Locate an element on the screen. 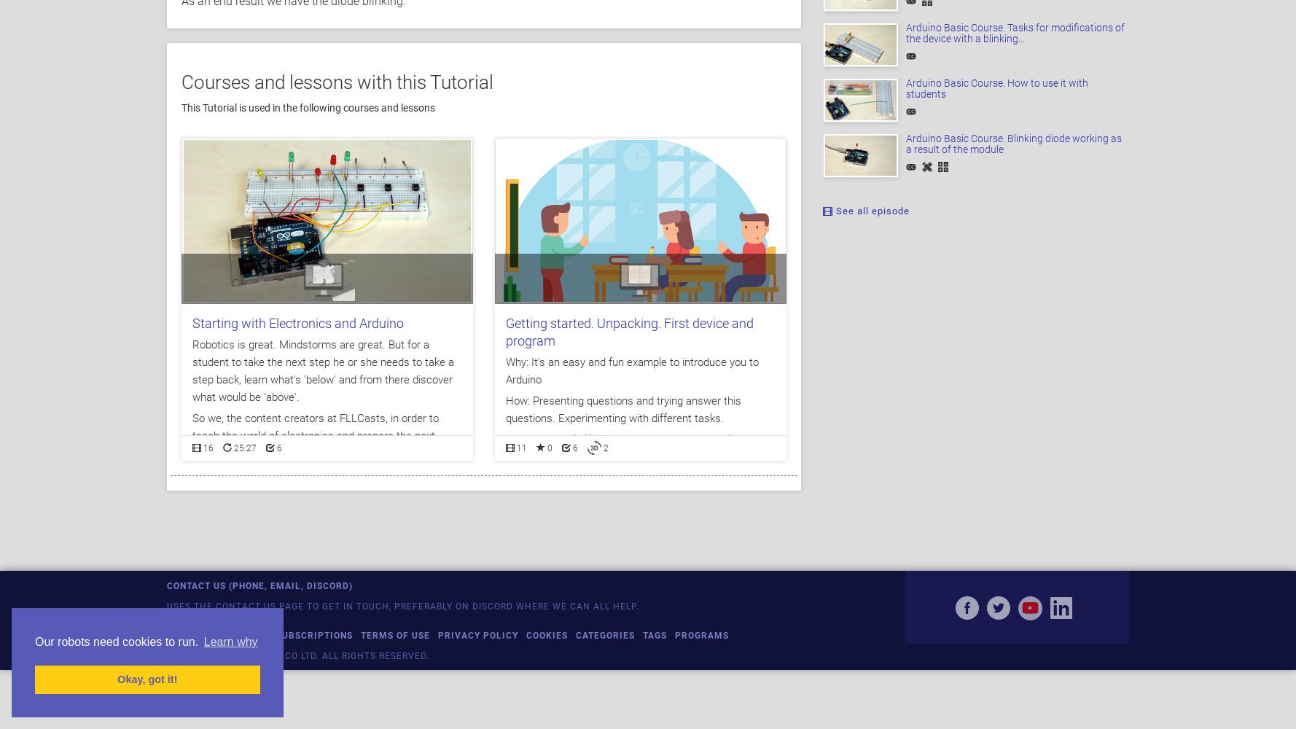  'Our robots need cookies to run.' is located at coordinates (117, 642).